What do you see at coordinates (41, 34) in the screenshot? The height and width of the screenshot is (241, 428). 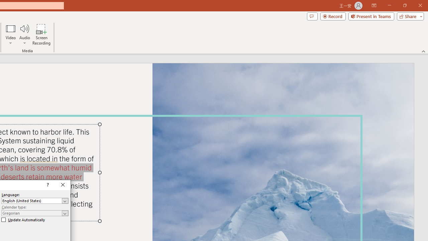 I see `'Screen Recording...'` at bounding box center [41, 34].